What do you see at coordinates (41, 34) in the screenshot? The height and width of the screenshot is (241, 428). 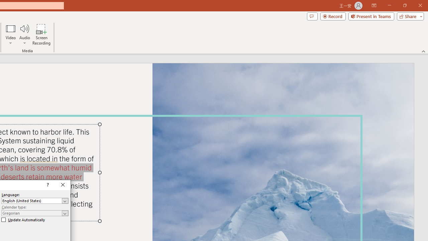 I see `'Screen Recording...'` at bounding box center [41, 34].